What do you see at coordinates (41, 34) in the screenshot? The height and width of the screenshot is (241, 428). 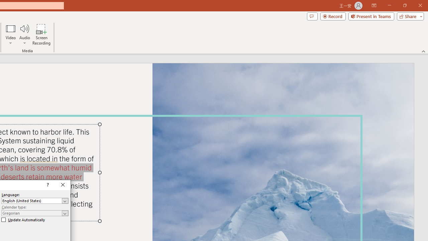 I see `'Screen Recording...'` at bounding box center [41, 34].